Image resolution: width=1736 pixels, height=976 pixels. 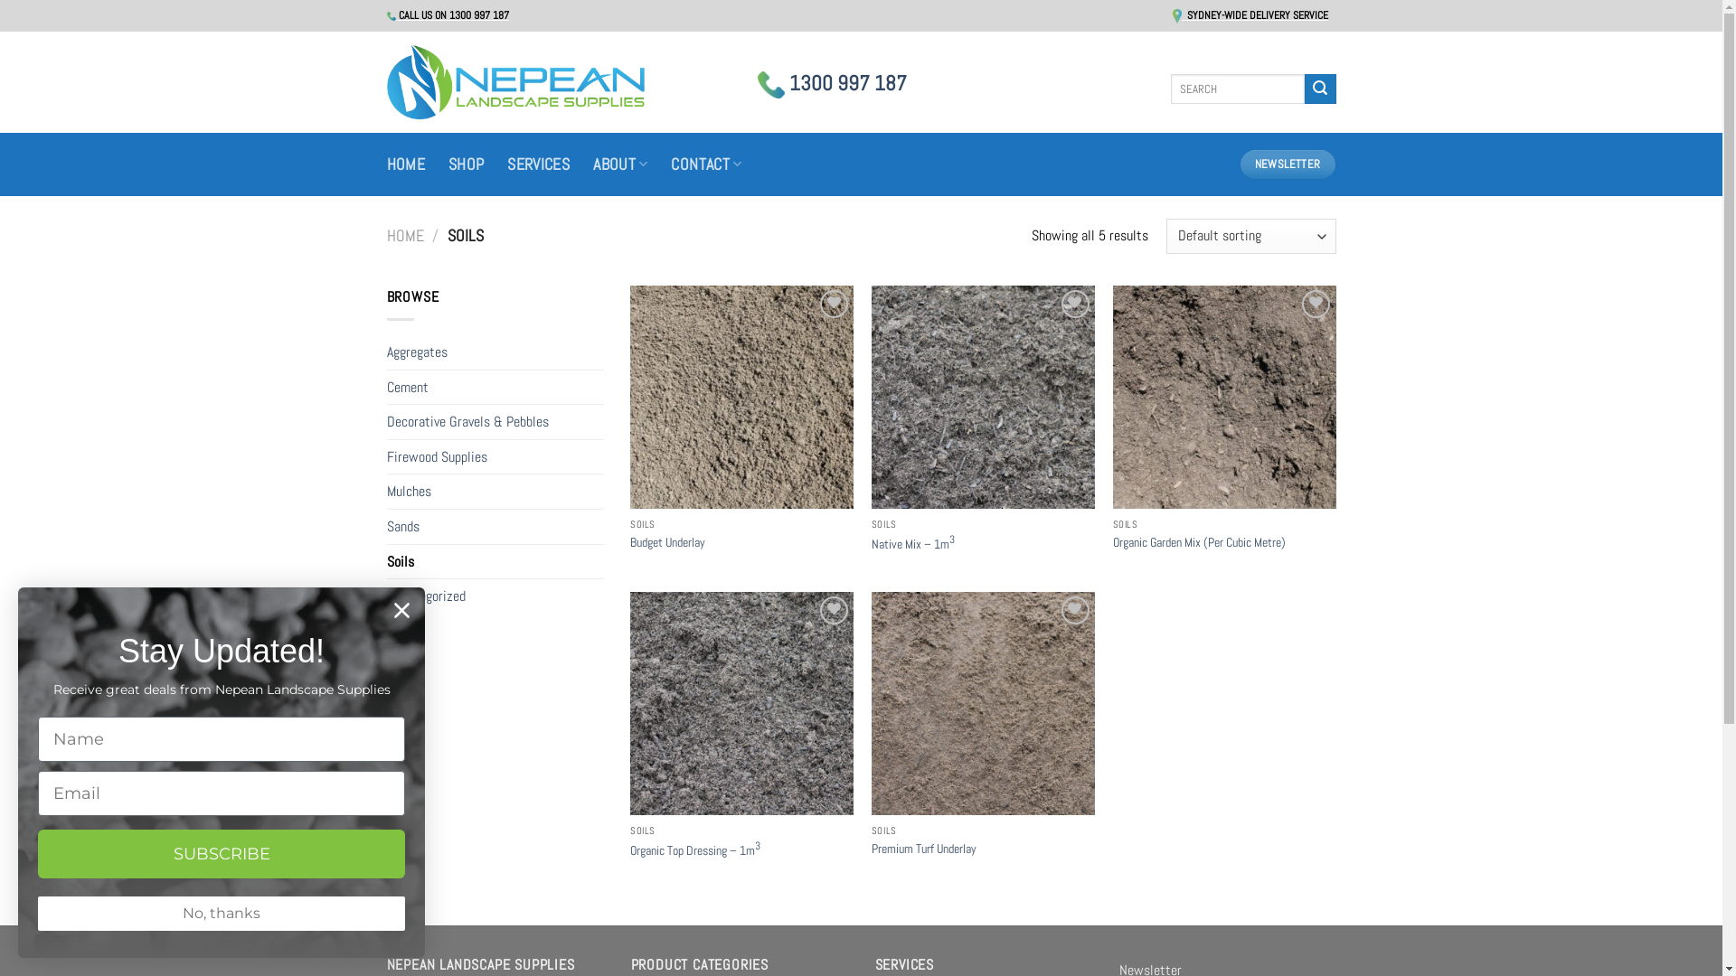 I want to click on 'Uncategorized', so click(x=495, y=596).